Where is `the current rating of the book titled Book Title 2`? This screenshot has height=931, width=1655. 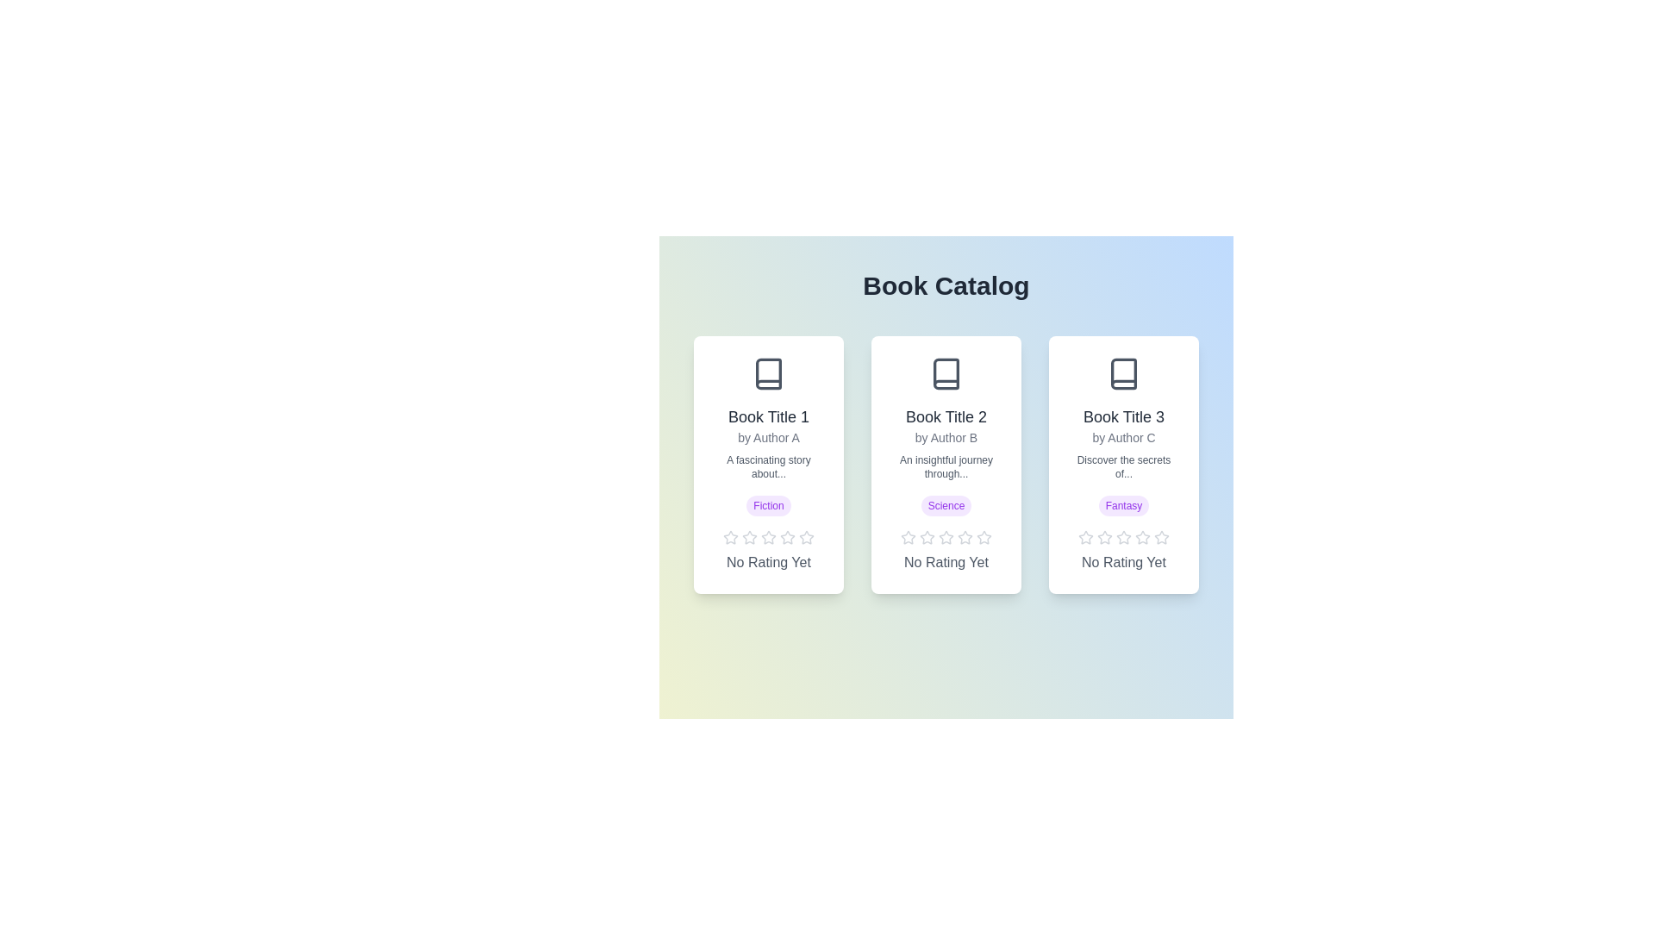 the current rating of the book titled Book Title 2 is located at coordinates (946, 562).